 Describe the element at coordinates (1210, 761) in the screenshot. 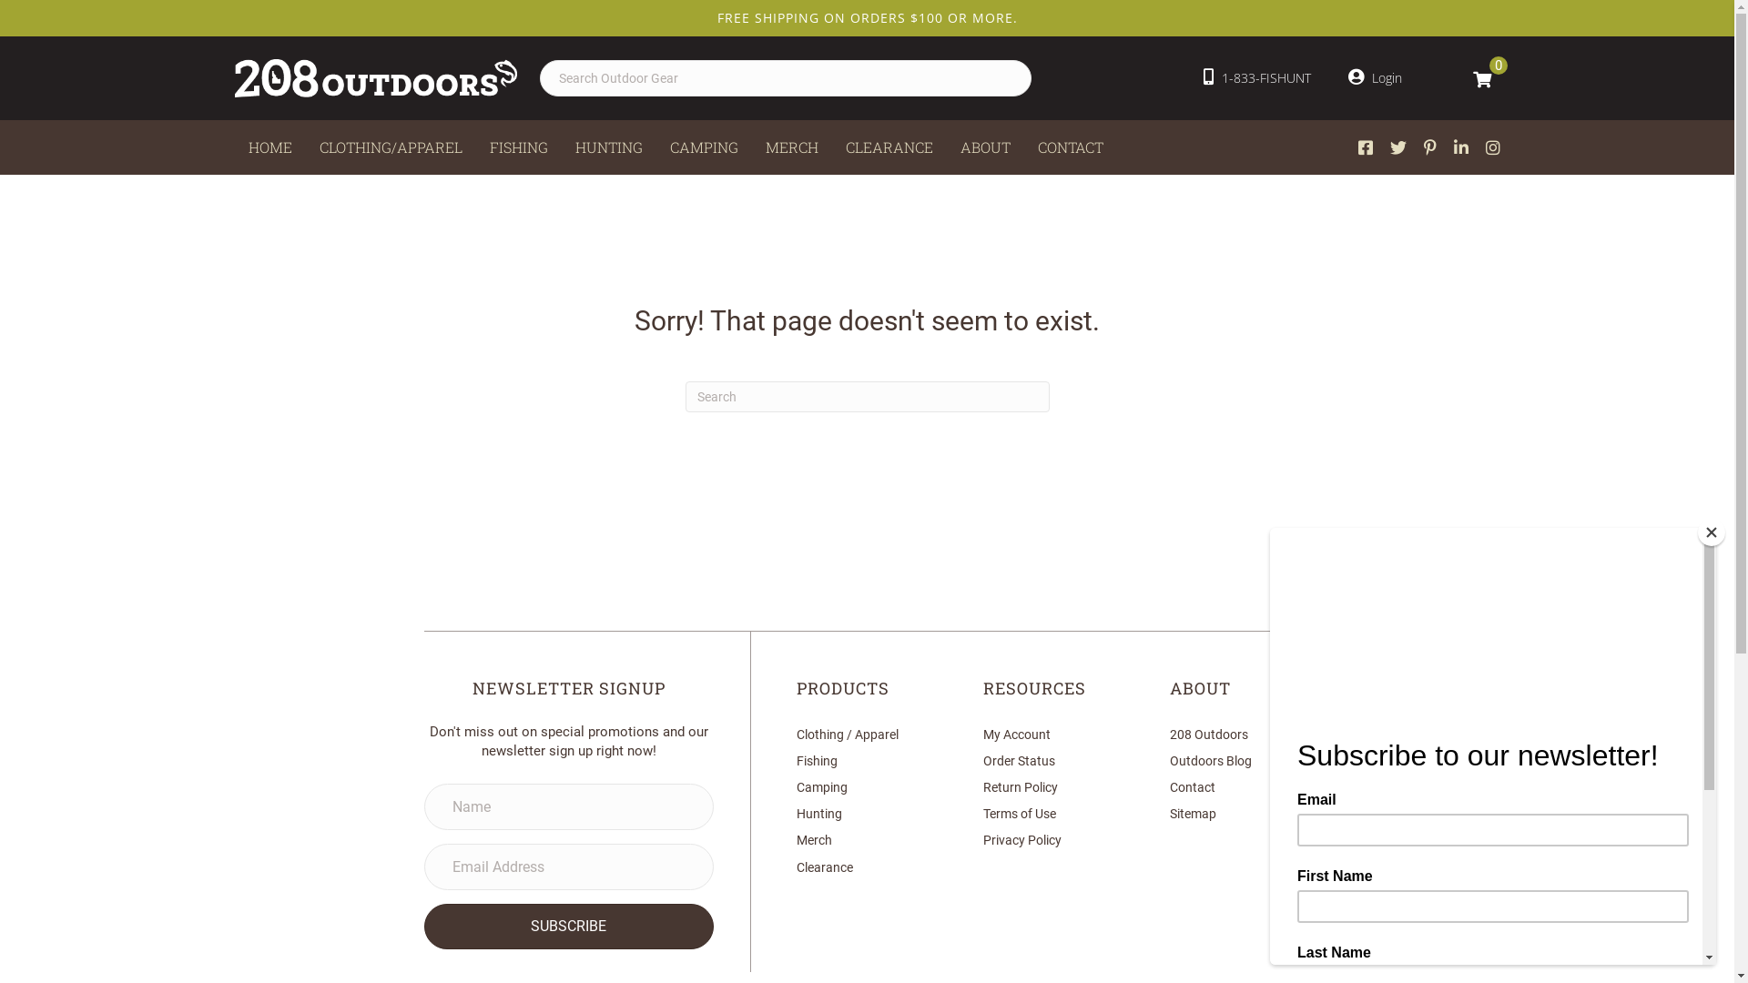

I see `'Outdoors Blog'` at that location.